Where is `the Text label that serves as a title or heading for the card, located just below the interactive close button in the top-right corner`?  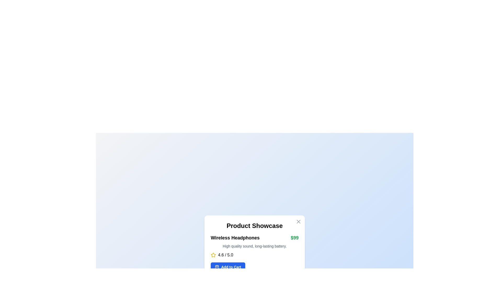 the Text label that serves as a title or heading for the card, located just below the interactive close button in the top-right corner is located at coordinates (255, 225).